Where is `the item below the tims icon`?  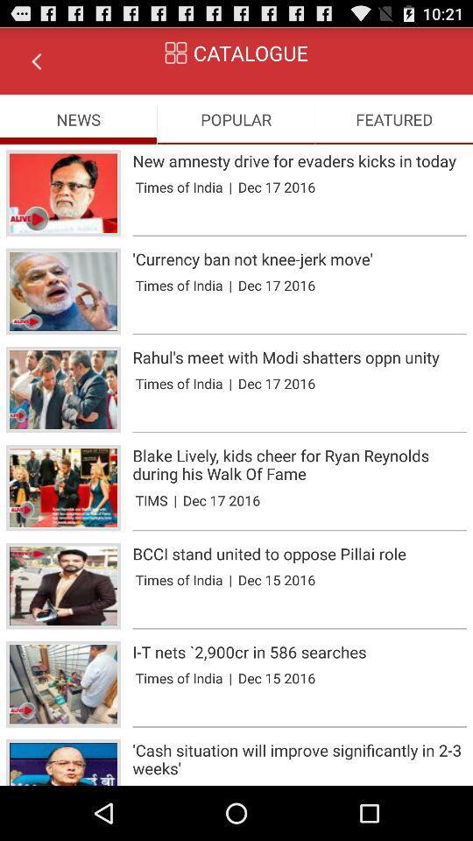 the item below the tims icon is located at coordinates (299, 529).